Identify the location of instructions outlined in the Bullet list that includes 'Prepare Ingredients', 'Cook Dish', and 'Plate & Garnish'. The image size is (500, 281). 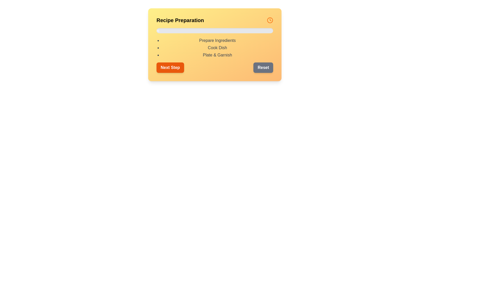
(215, 48).